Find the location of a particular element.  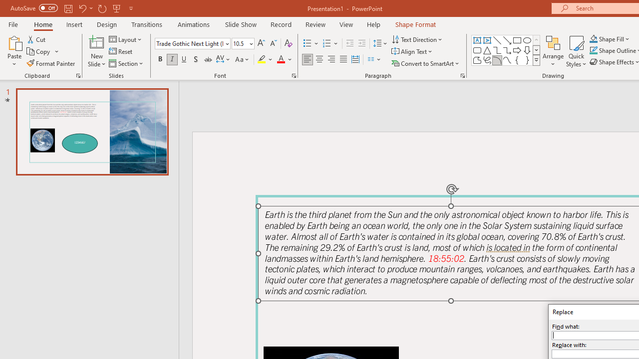

'Text Highlight Color' is located at coordinates (265, 59).